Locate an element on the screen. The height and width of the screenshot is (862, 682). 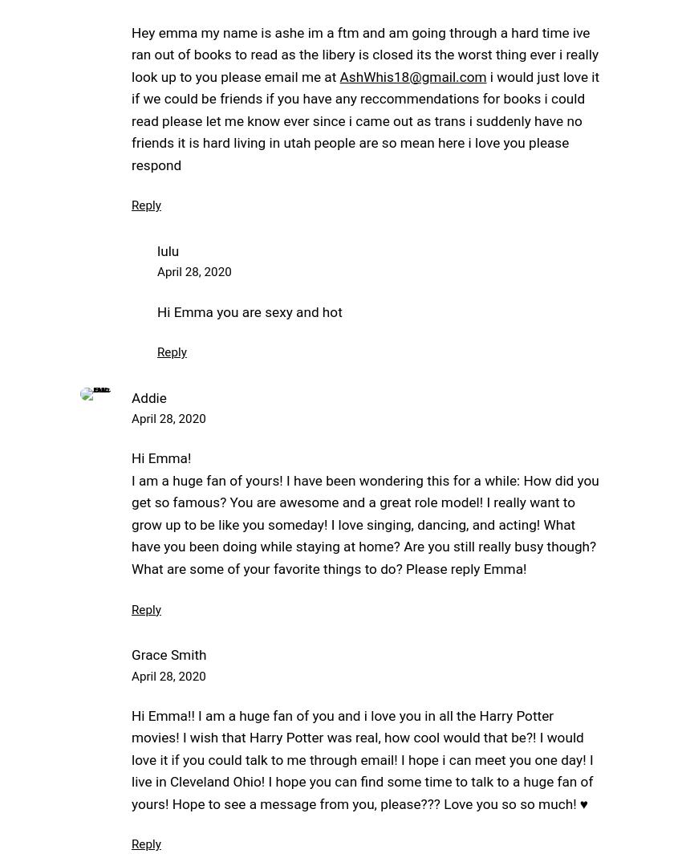
'AshWhis18@gmail.com' is located at coordinates (412, 76).